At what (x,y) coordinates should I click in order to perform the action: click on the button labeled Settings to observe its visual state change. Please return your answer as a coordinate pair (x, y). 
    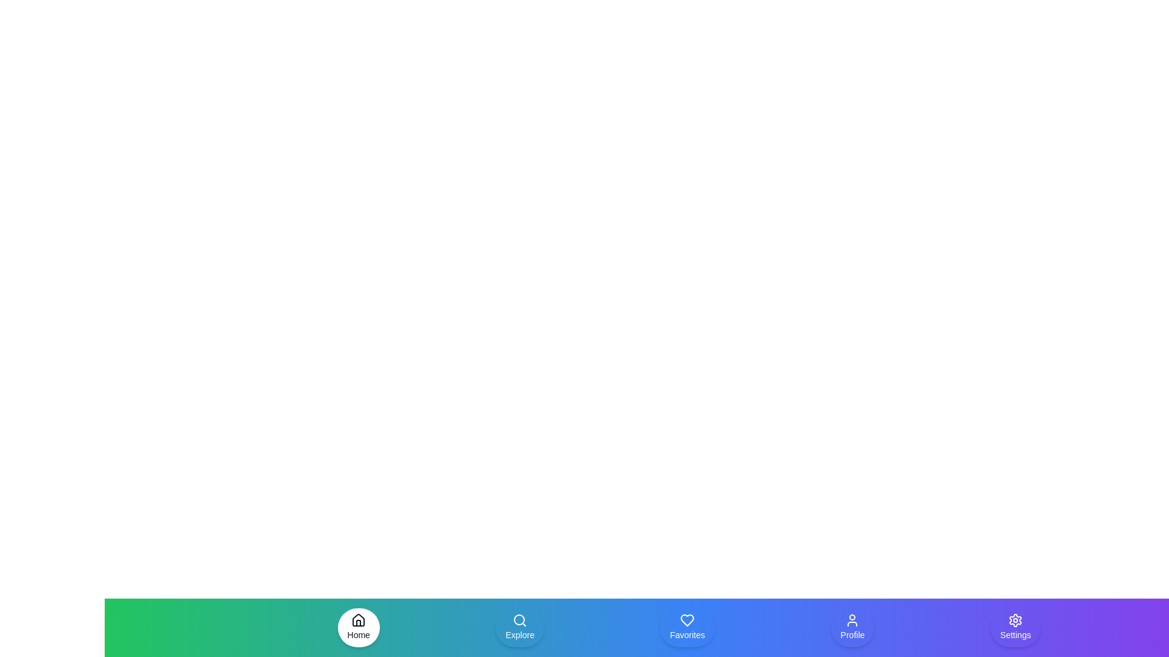
    Looking at the image, I should click on (1016, 628).